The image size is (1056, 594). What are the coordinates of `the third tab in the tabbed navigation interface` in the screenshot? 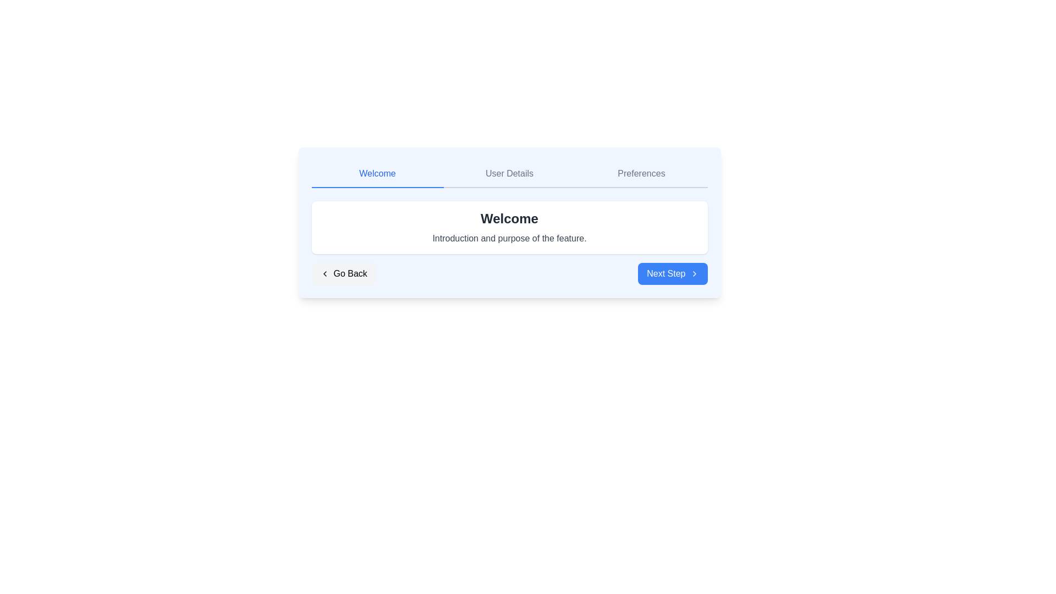 It's located at (641, 173).